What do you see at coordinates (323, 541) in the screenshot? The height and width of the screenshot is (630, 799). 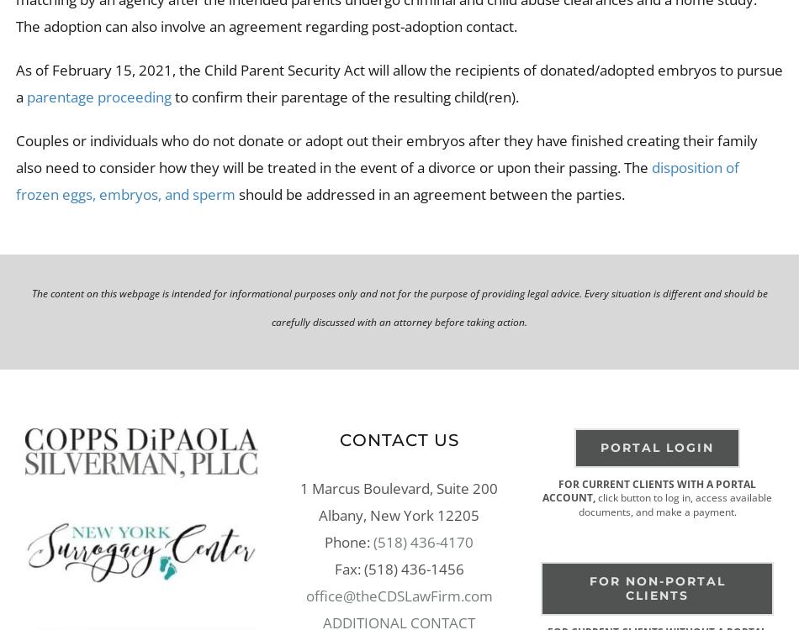 I see `'Phone:'` at bounding box center [323, 541].